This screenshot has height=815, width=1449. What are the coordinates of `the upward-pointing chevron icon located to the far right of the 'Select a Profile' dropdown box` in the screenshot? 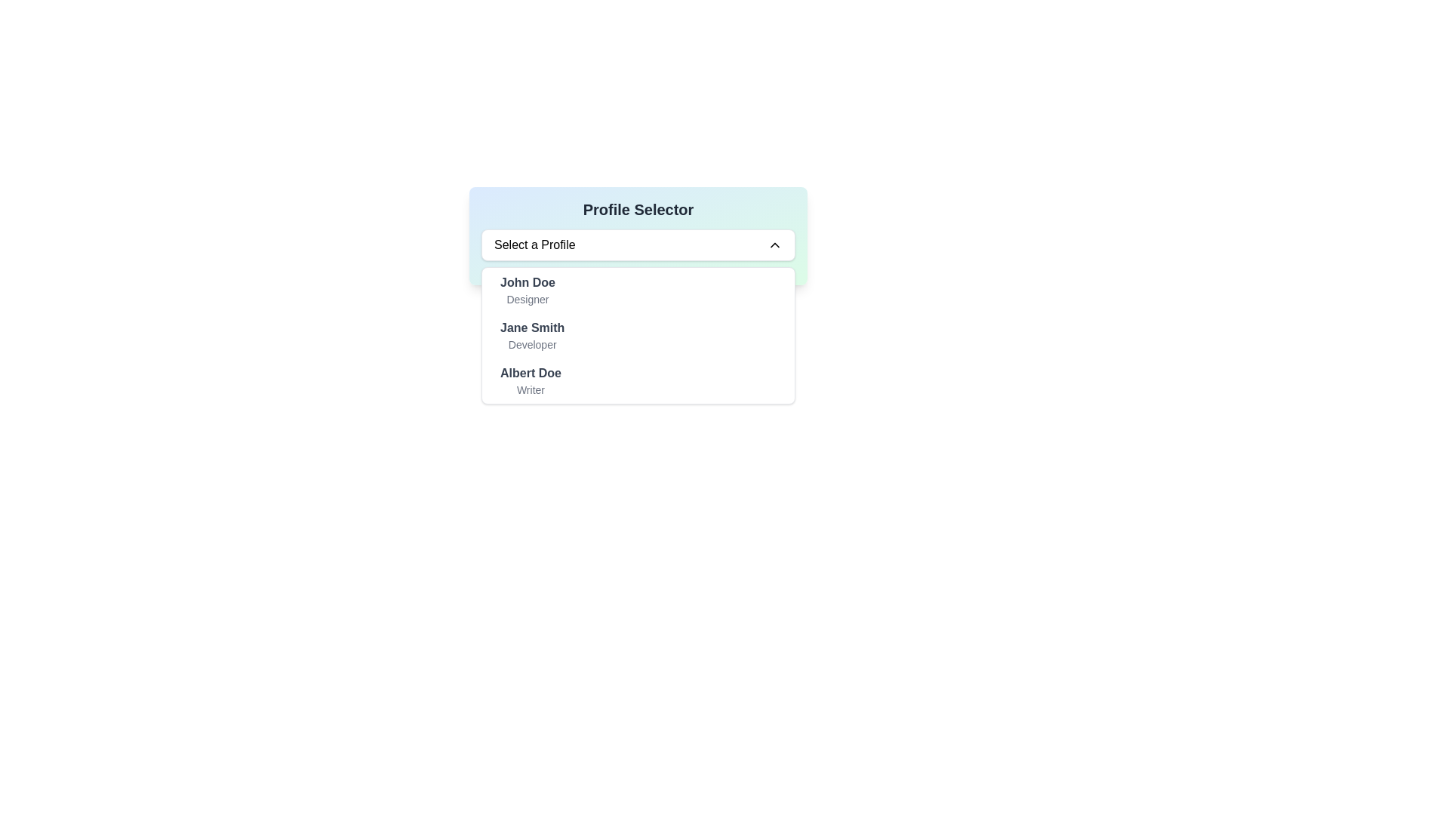 It's located at (775, 244).